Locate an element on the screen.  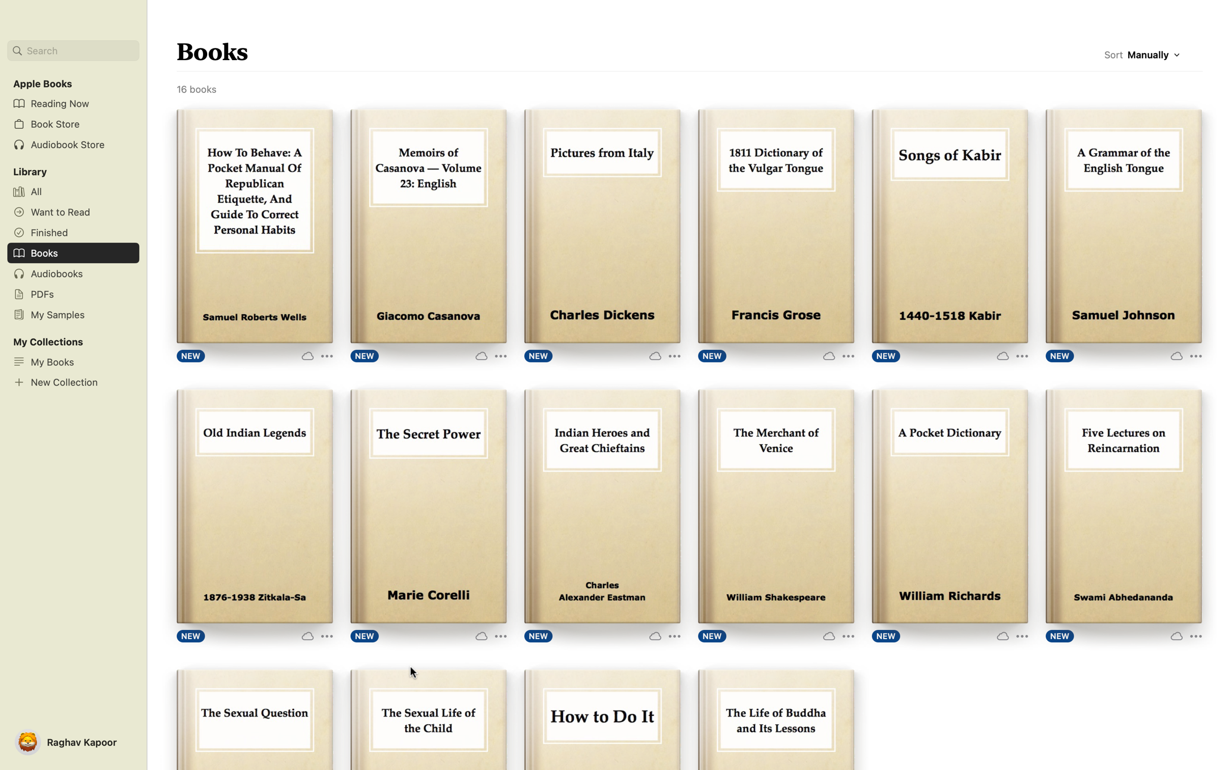
Start reading the "Old Indian Legends" book by clicking on its "Read" button is located at coordinates (254, 507).